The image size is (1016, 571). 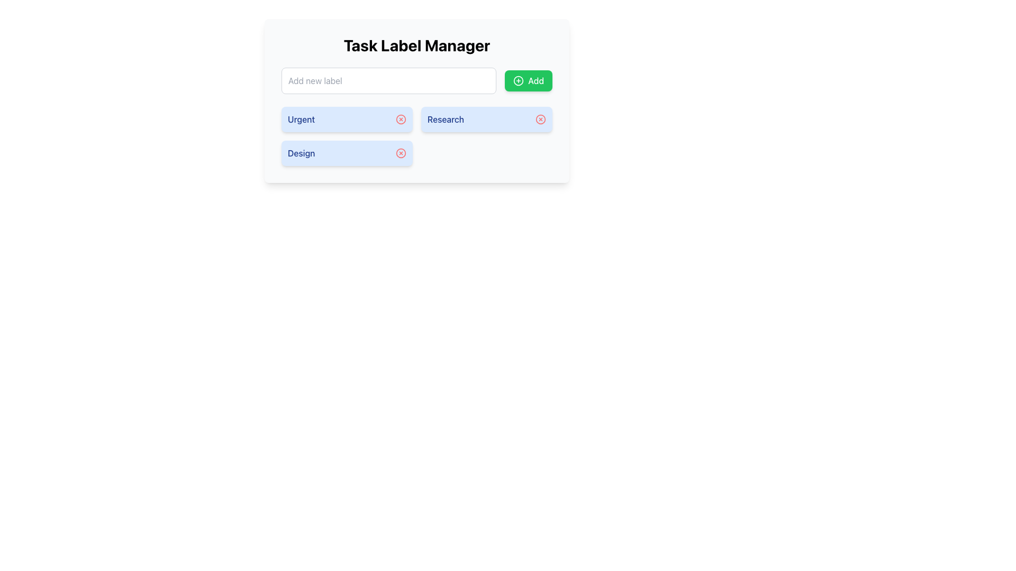 What do you see at coordinates (519, 80) in the screenshot?
I see `the plus icon within the green circular border located inside the 'Add' button at the top-right corner of the 'Task Label Manager' interface` at bounding box center [519, 80].